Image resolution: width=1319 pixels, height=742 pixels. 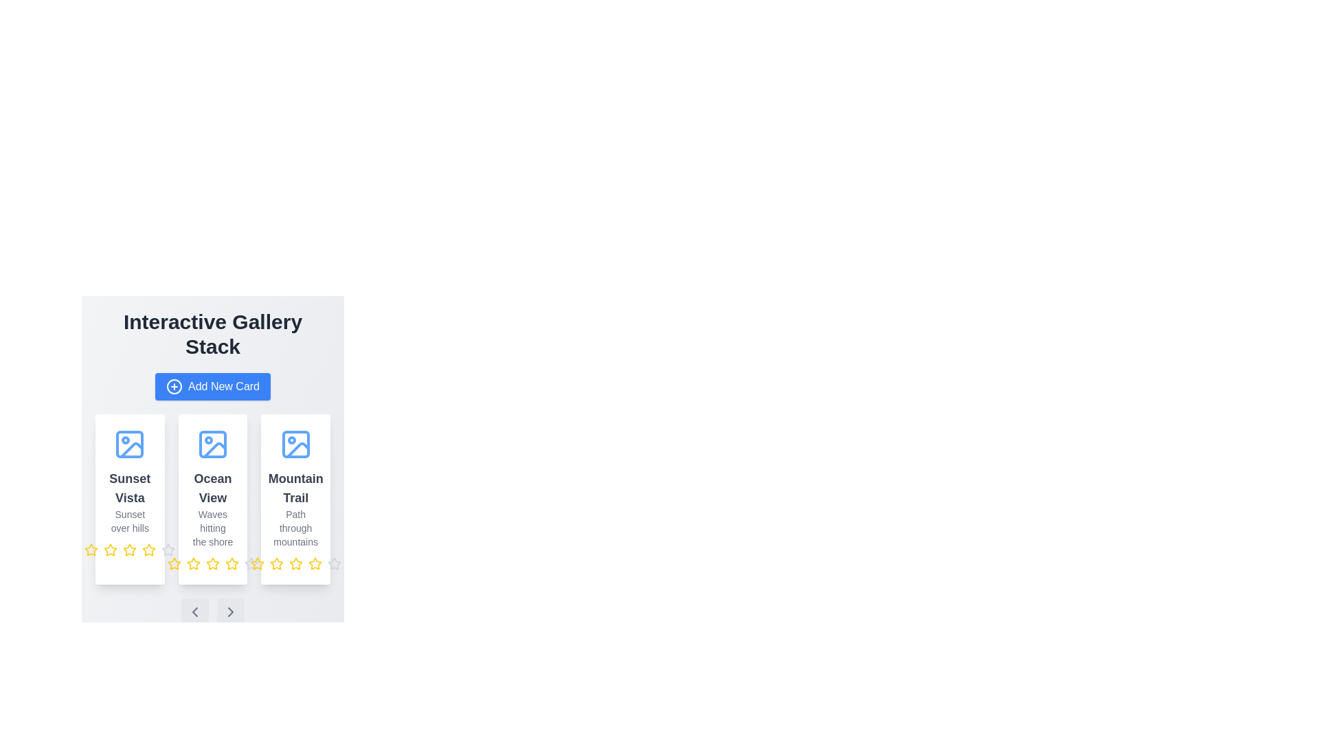 What do you see at coordinates (314, 563) in the screenshot?
I see `the Clickable Icon (Star Icon) which is the rightmost star icon in the rating component below the 'Mountain Trail' card` at bounding box center [314, 563].